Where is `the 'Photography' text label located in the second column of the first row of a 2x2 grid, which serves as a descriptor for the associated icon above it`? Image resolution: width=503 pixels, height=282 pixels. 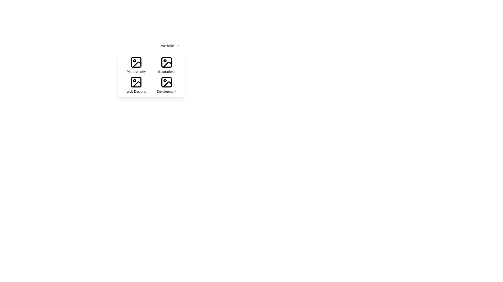
the 'Photography' text label located in the second column of the first row of a 2x2 grid, which serves as a descriptor for the associated icon above it is located at coordinates (136, 72).